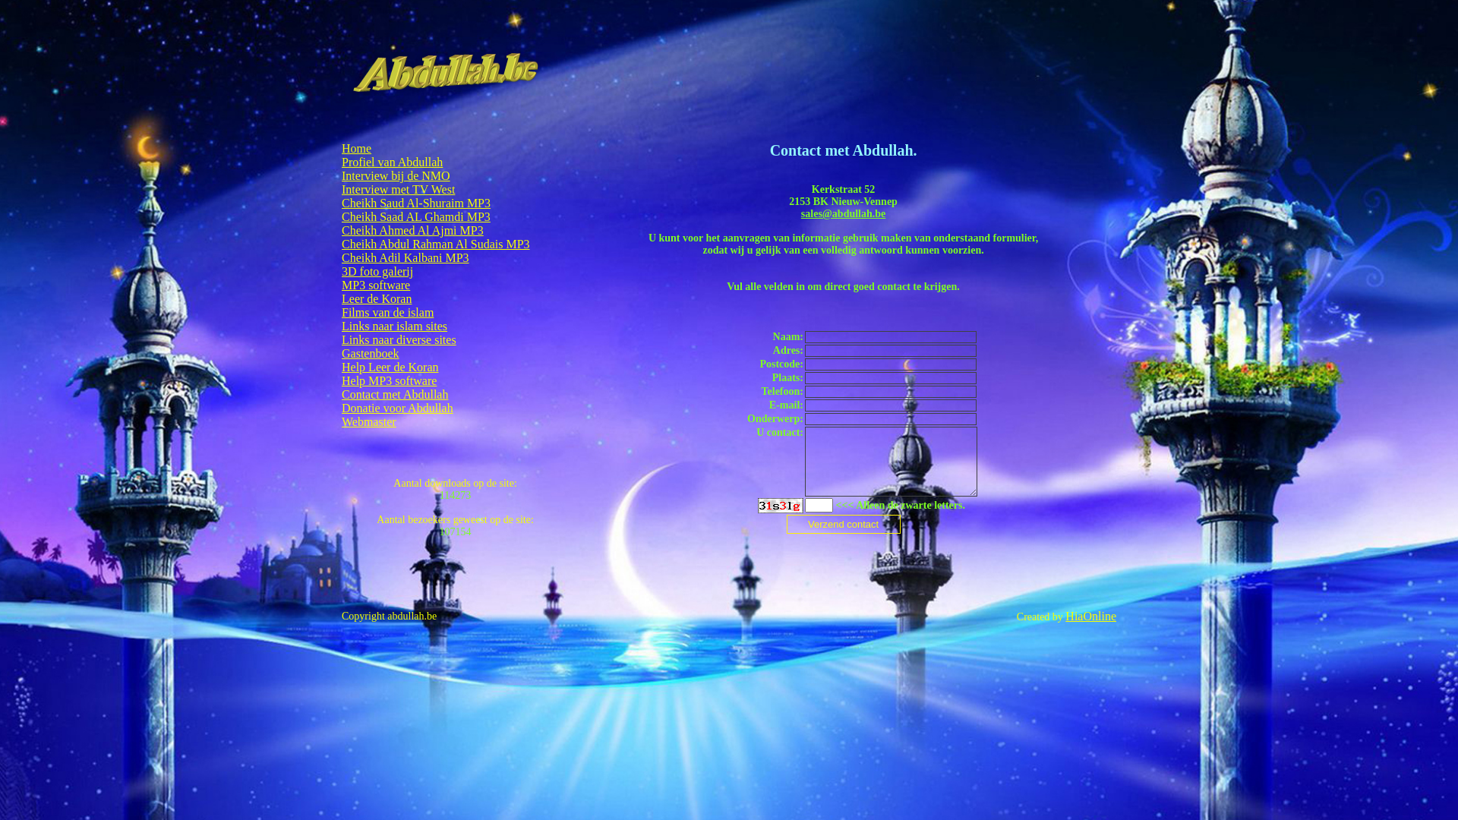 The width and height of the screenshot is (1458, 820). What do you see at coordinates (1090, 616) in the screenshot?
I see `'HiaOnline'` at bounding box center [1090, 616].